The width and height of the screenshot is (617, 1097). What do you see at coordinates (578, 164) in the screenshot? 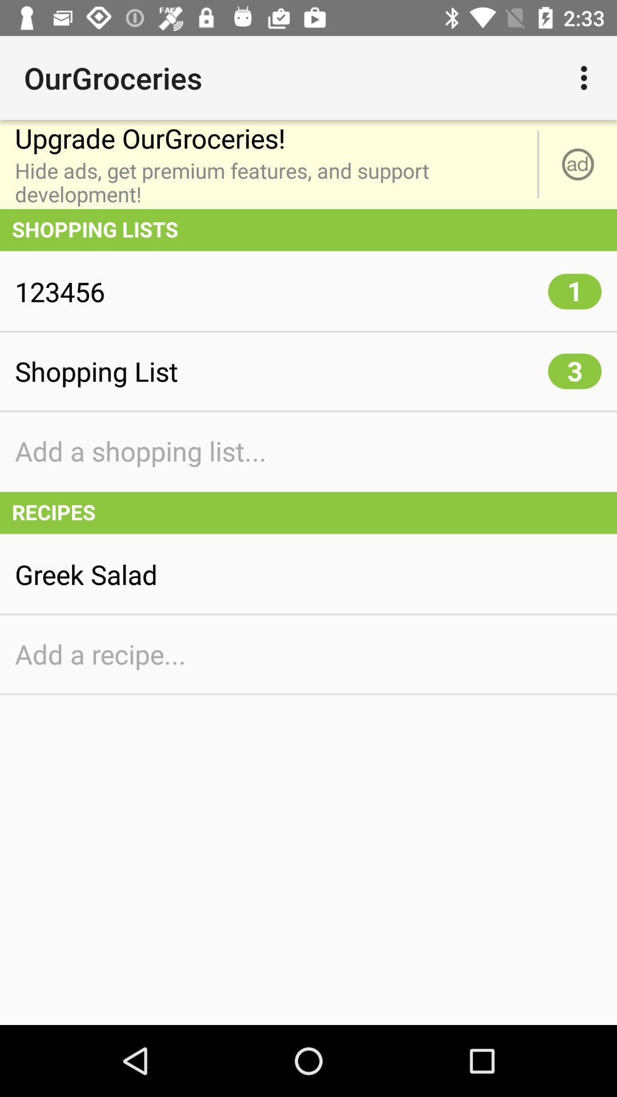
I see `item above the shopping lists item` at bounding box center [578, 164].